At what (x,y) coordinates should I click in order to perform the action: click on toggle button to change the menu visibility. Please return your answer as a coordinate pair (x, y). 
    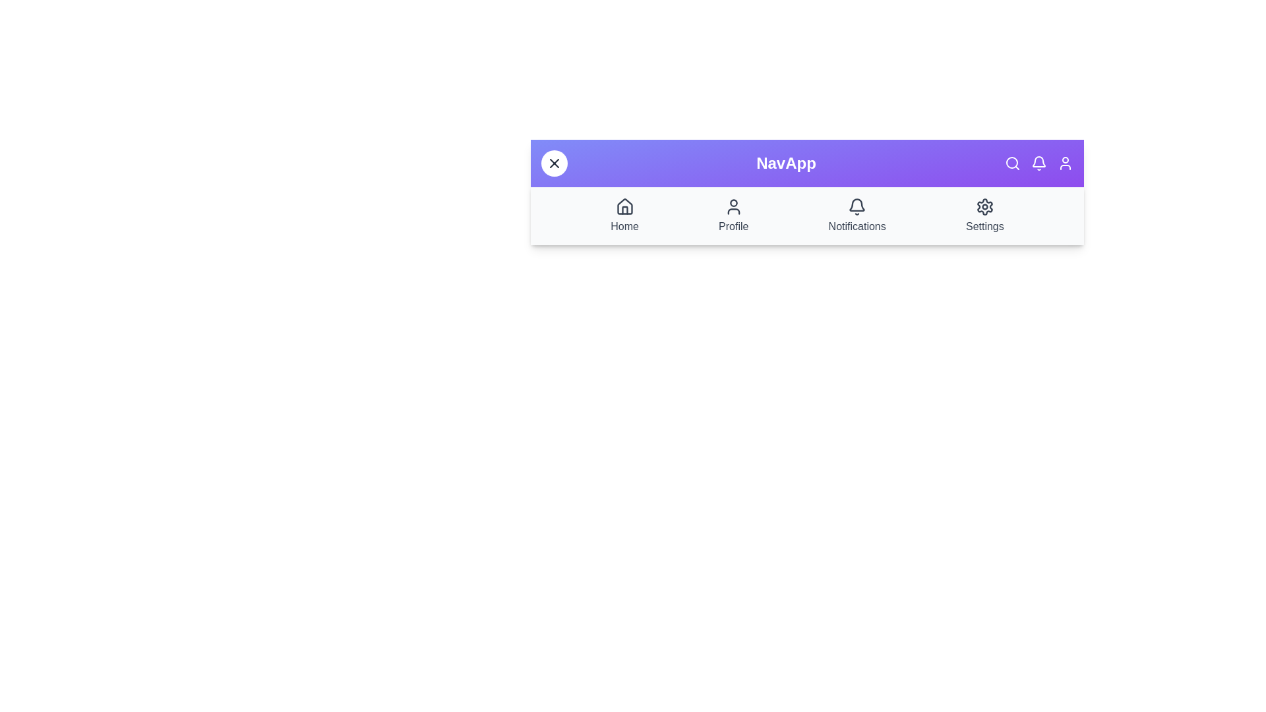
    Looking at the image, I should click on (554, 162).